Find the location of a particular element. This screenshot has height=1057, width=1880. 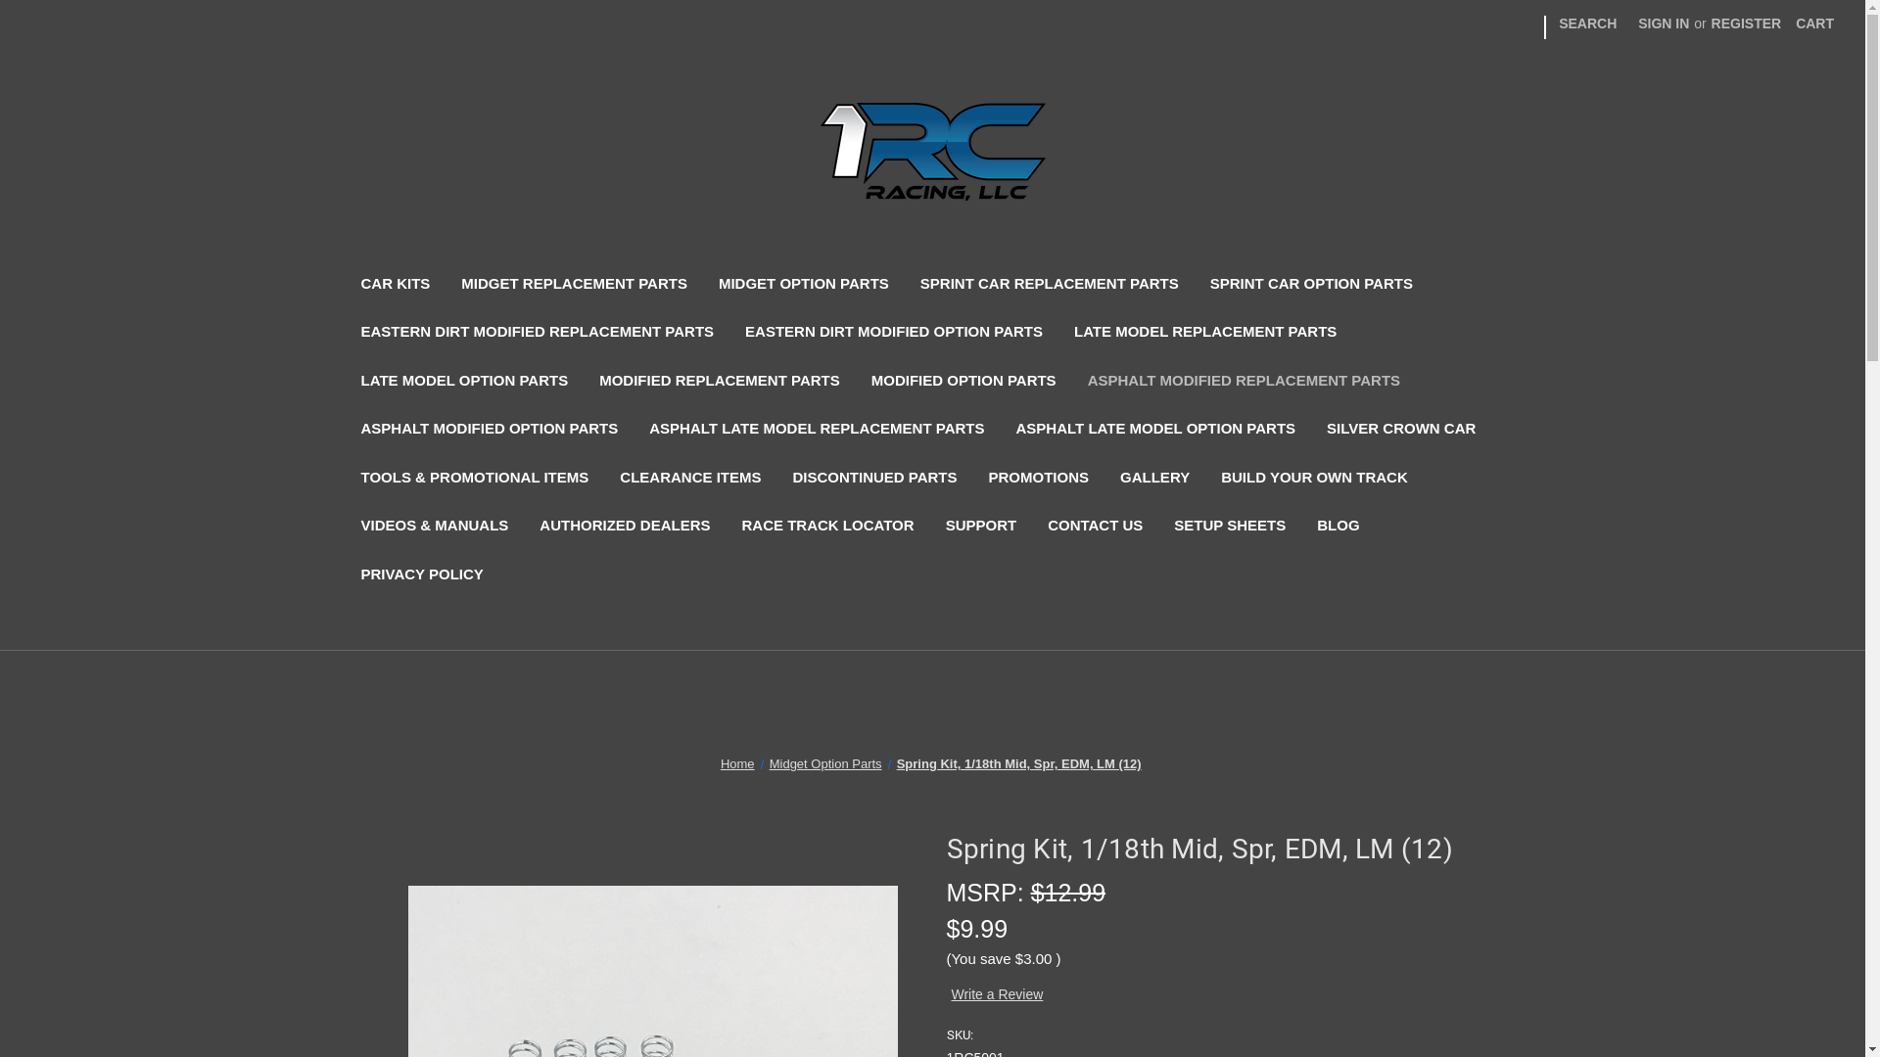

'CLEARANCE ITEMS' is located at coordinates (690, 480).